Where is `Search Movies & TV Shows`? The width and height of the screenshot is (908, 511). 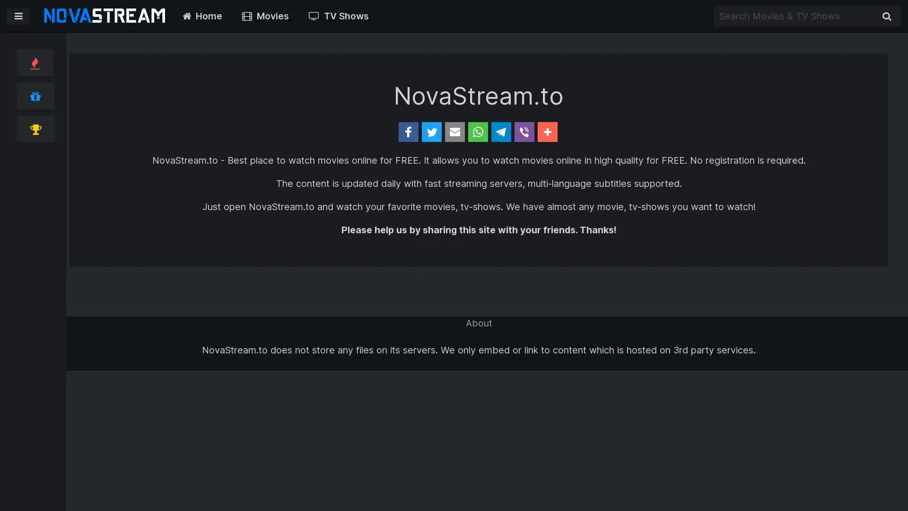
Search Movies & TV Shows is located at coordinates (886, 16).